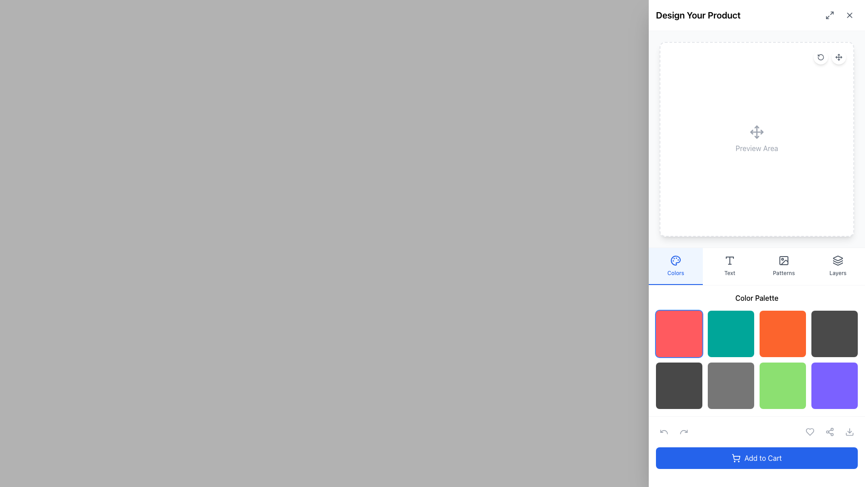 The width and height of the screenshot is (865, 487). What do you see at coordinates (783, 266) in the screenshot?
I see `the 'Patterns' button, which is the third button in a horizontal group of four options ('Colors', 'Text', 'Patterns', 'Layers')` at bounding box center [783, 266].